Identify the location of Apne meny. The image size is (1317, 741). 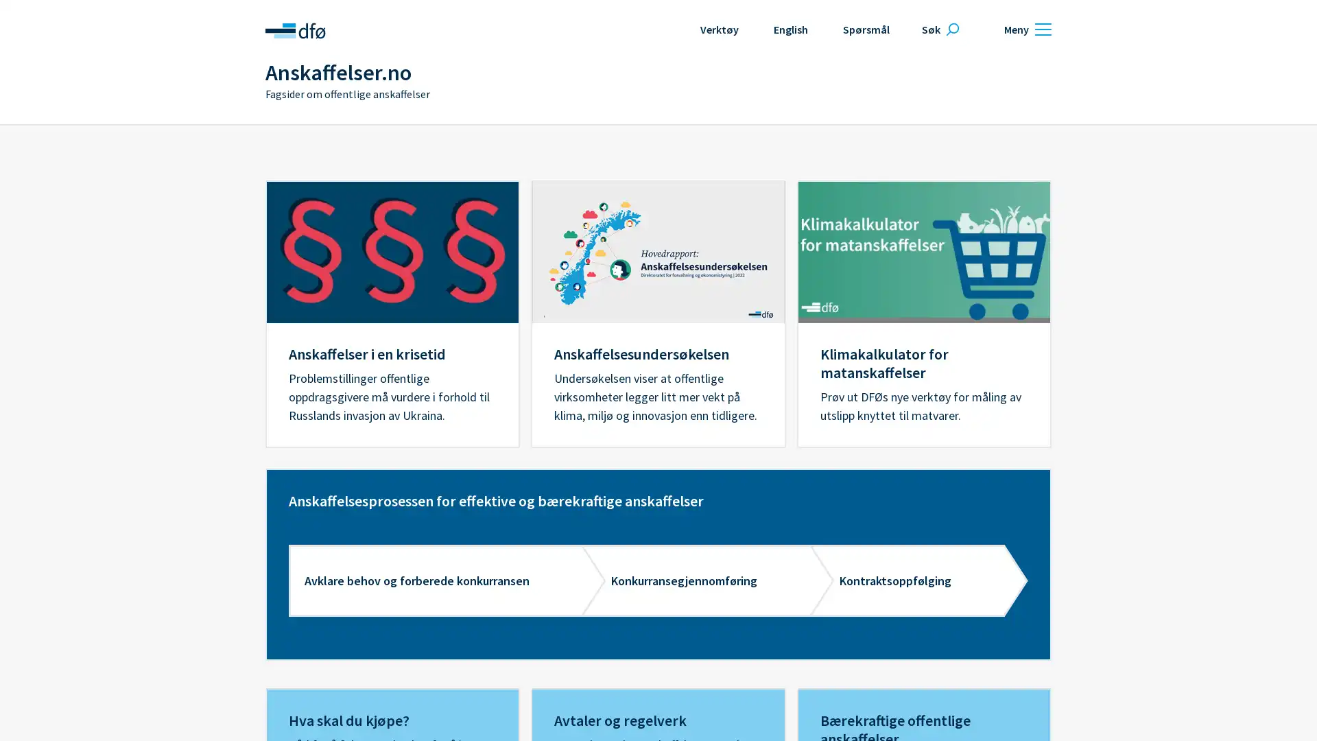
(1025, 29).